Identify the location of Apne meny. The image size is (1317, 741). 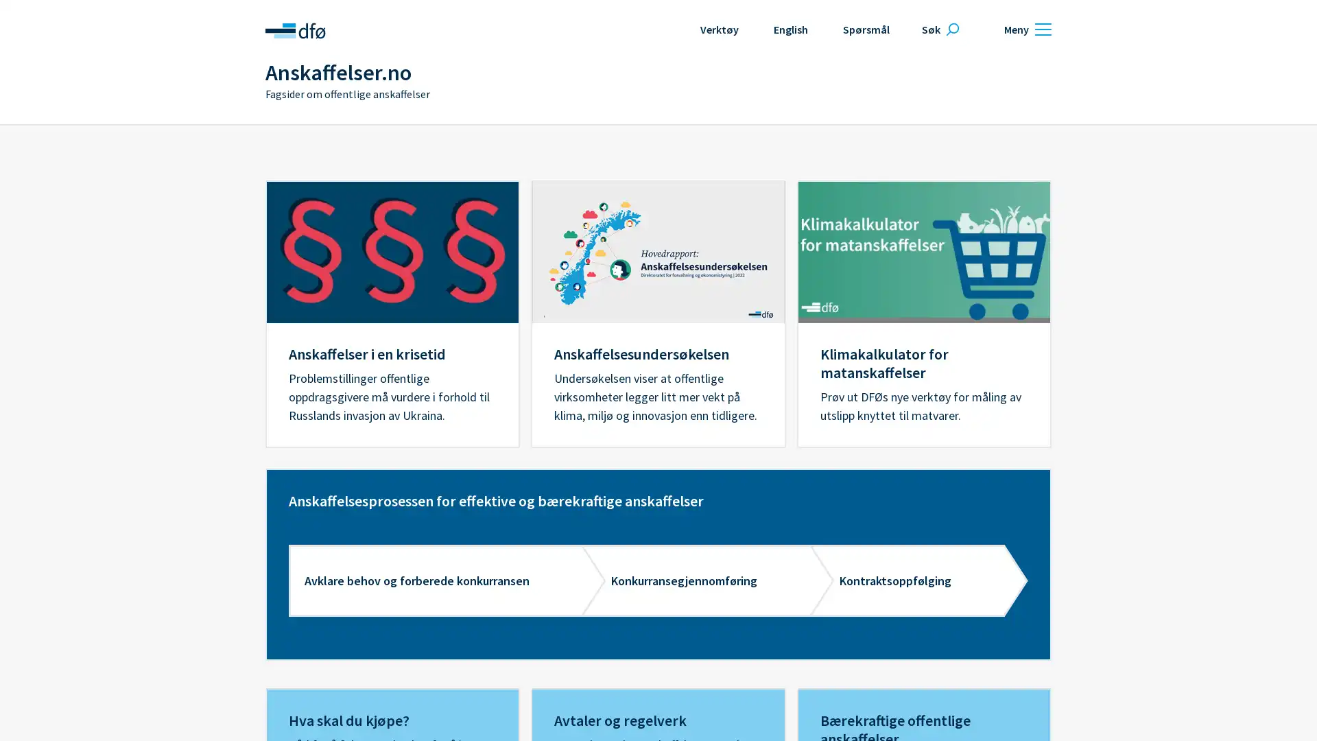
(1025, 29).